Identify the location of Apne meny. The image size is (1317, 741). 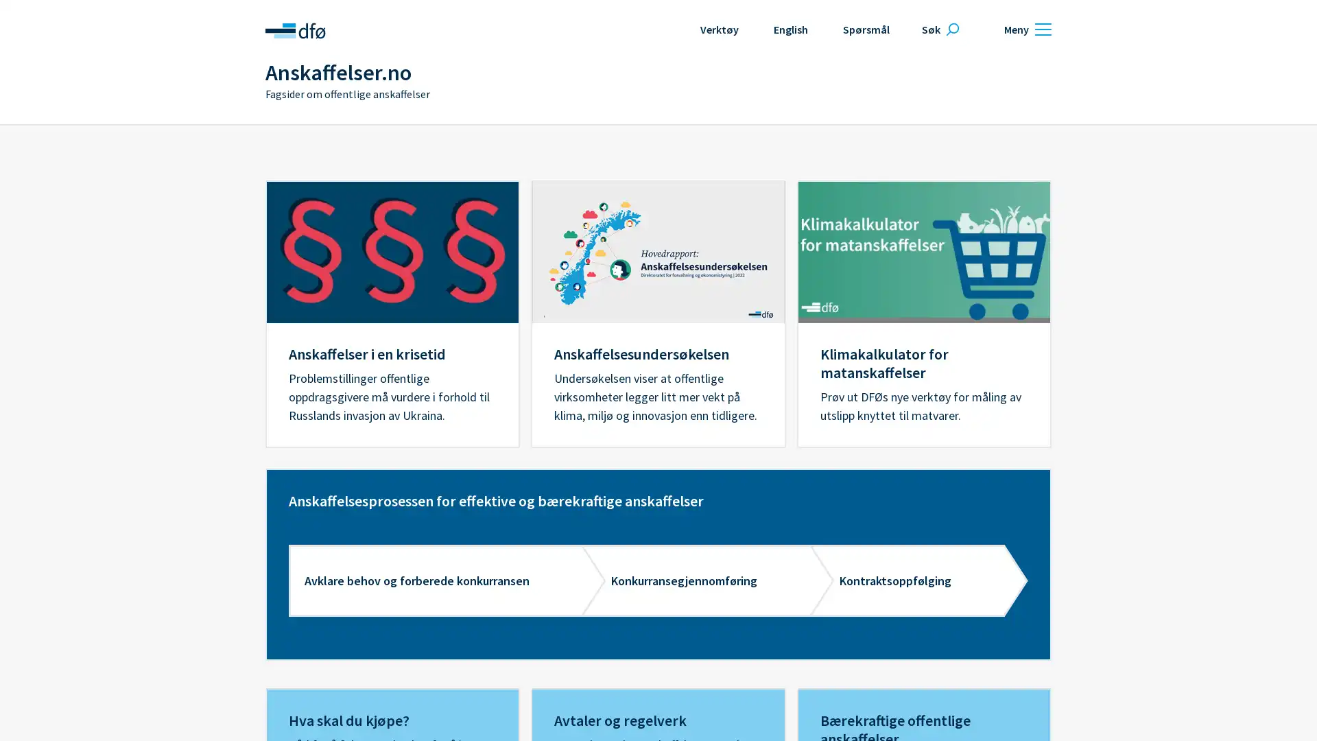
(1025, 29).